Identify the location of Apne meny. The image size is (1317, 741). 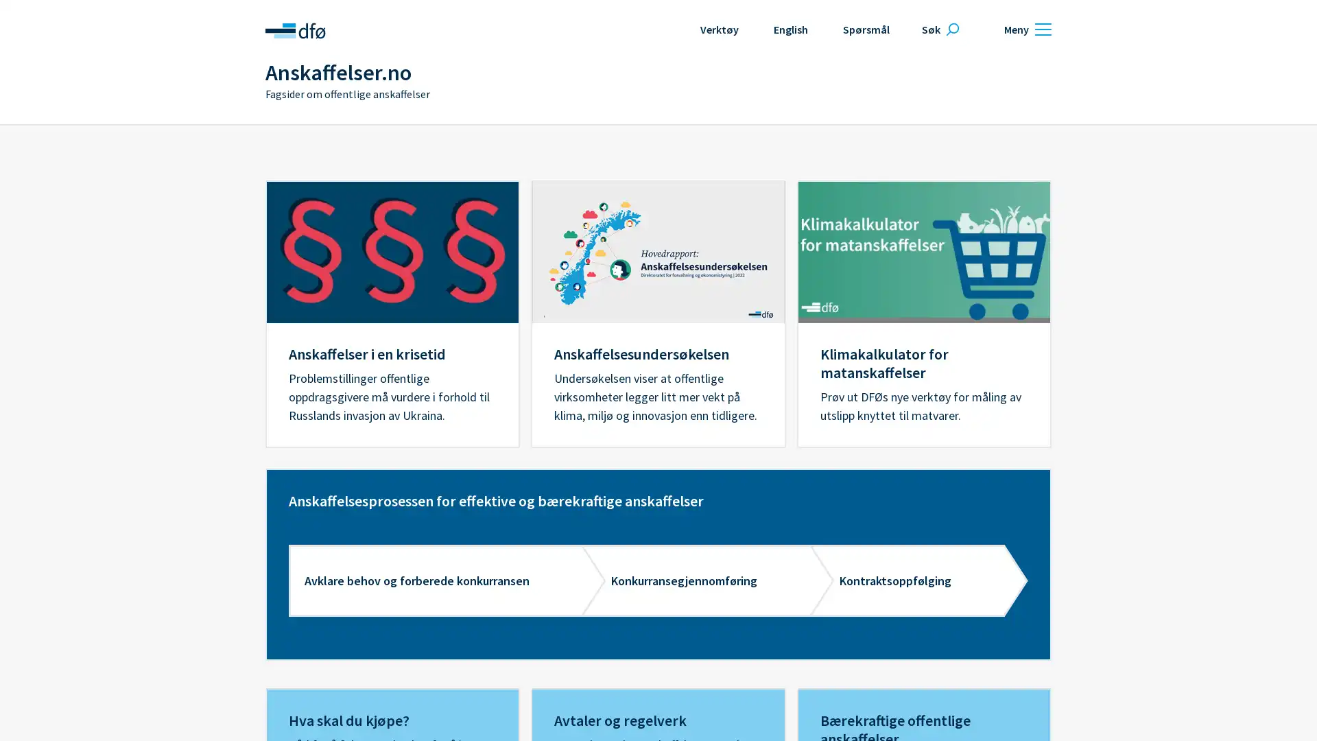
(1025, 29).